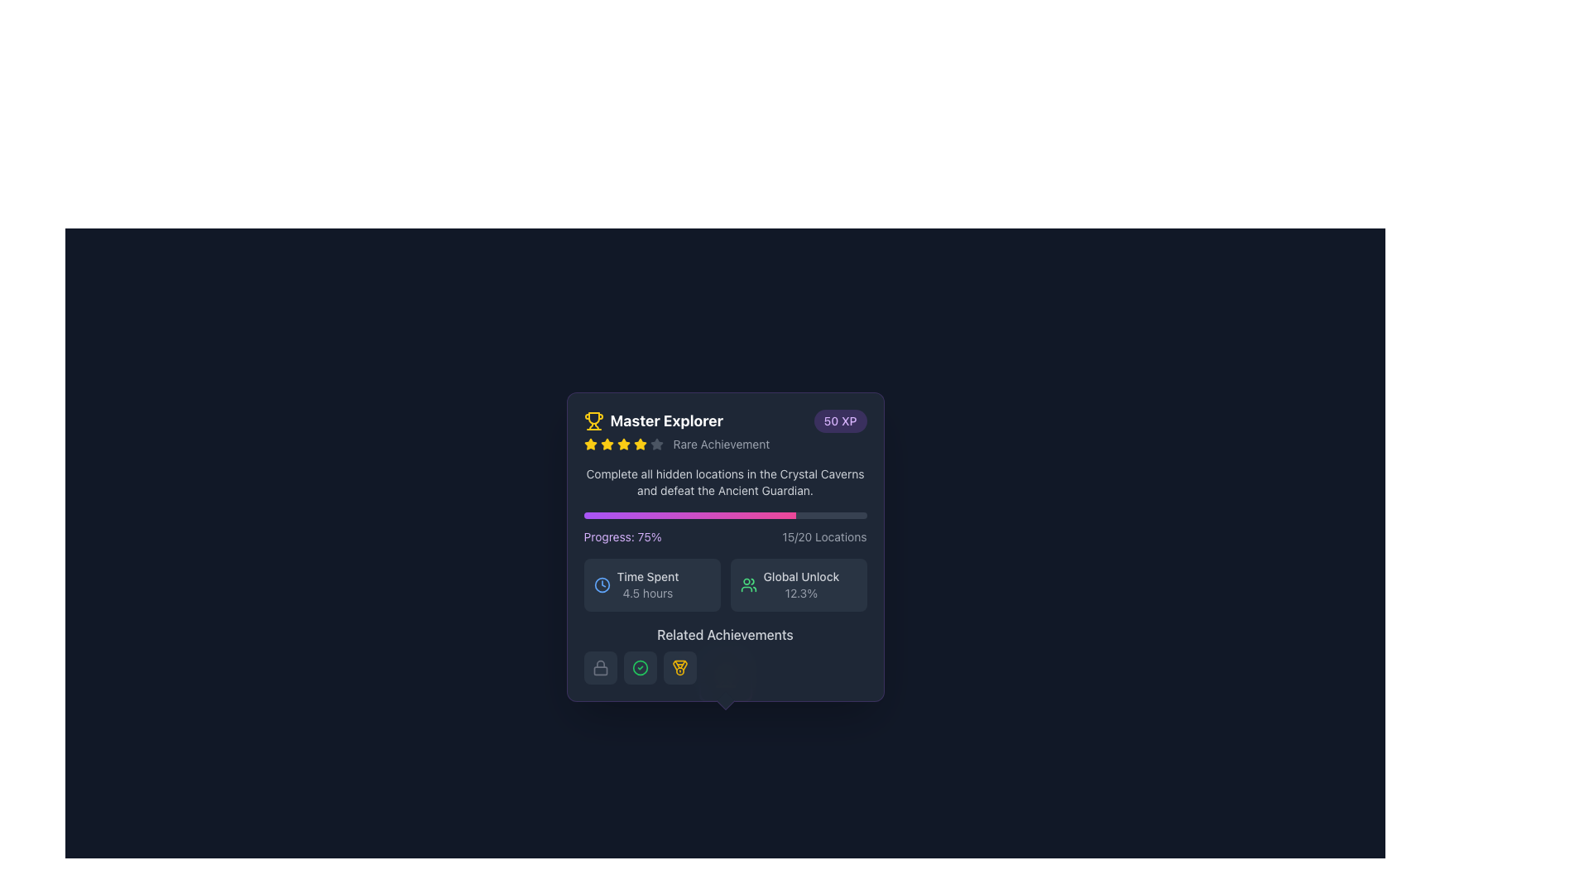 This screenshot has height=894, width=1589. What do you see at coordinates (601, 584) in the screenshot?
I see `the time icon located to the left of the '4.5 hours' text within the 'Time Spent' block in the bottom-left area of the information card` at bounding box center [601, 584].